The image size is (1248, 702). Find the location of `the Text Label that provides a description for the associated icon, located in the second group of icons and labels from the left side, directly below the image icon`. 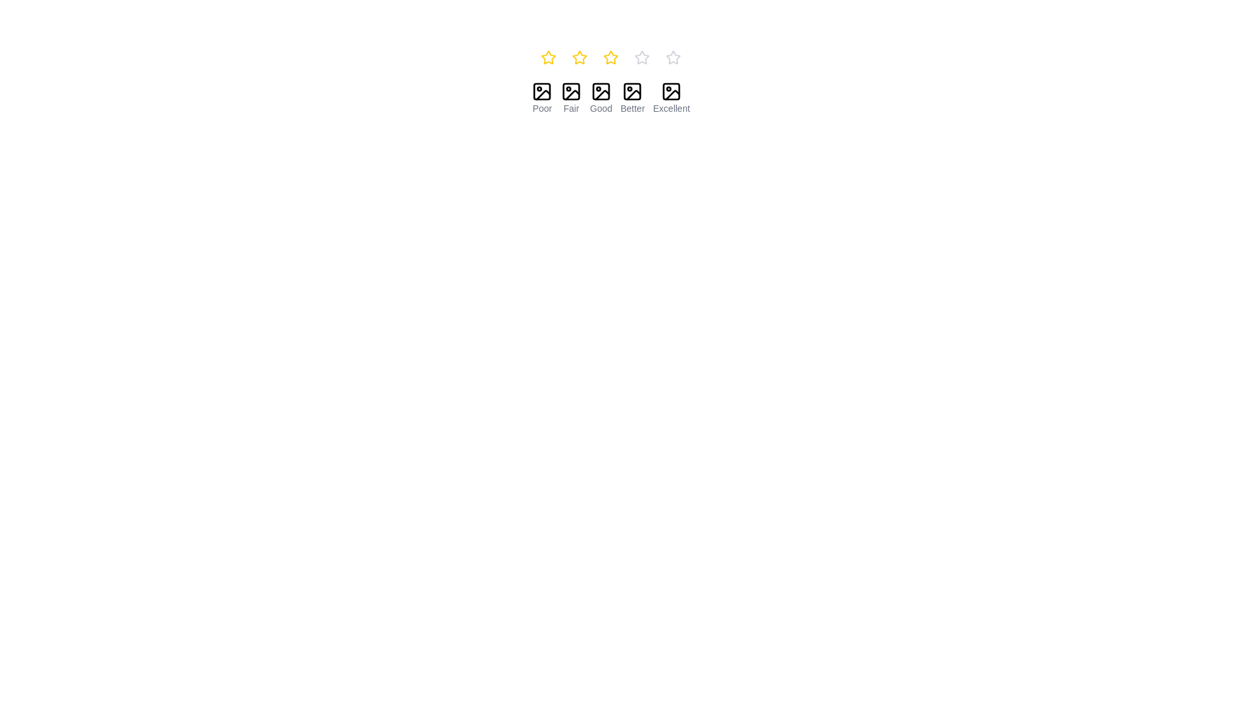

the Text Label that provides a description for the associated icon, located in the second group of icons and labels from the left side, directly below the image icon is located at coordinates (571, 107).